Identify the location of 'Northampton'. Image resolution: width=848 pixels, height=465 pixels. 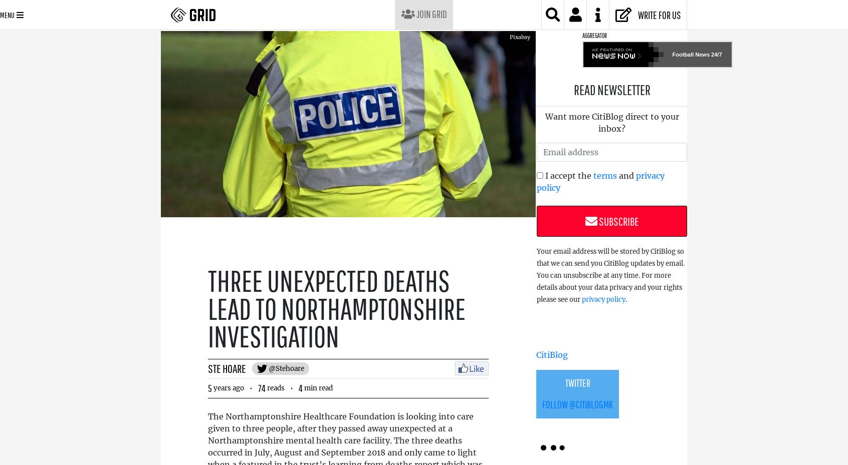
(466, 15).